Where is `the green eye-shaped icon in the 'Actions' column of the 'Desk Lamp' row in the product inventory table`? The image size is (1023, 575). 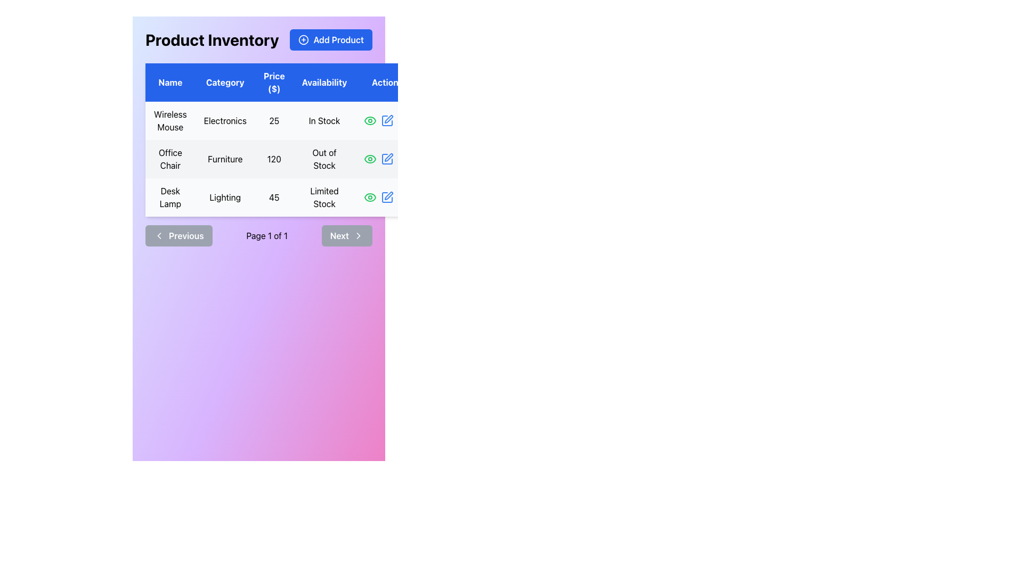 the green eye-shaped icon in the 'Actions' column of the 'Desk Lamp' row in the product inventory table is located at coordinates (370, 197).